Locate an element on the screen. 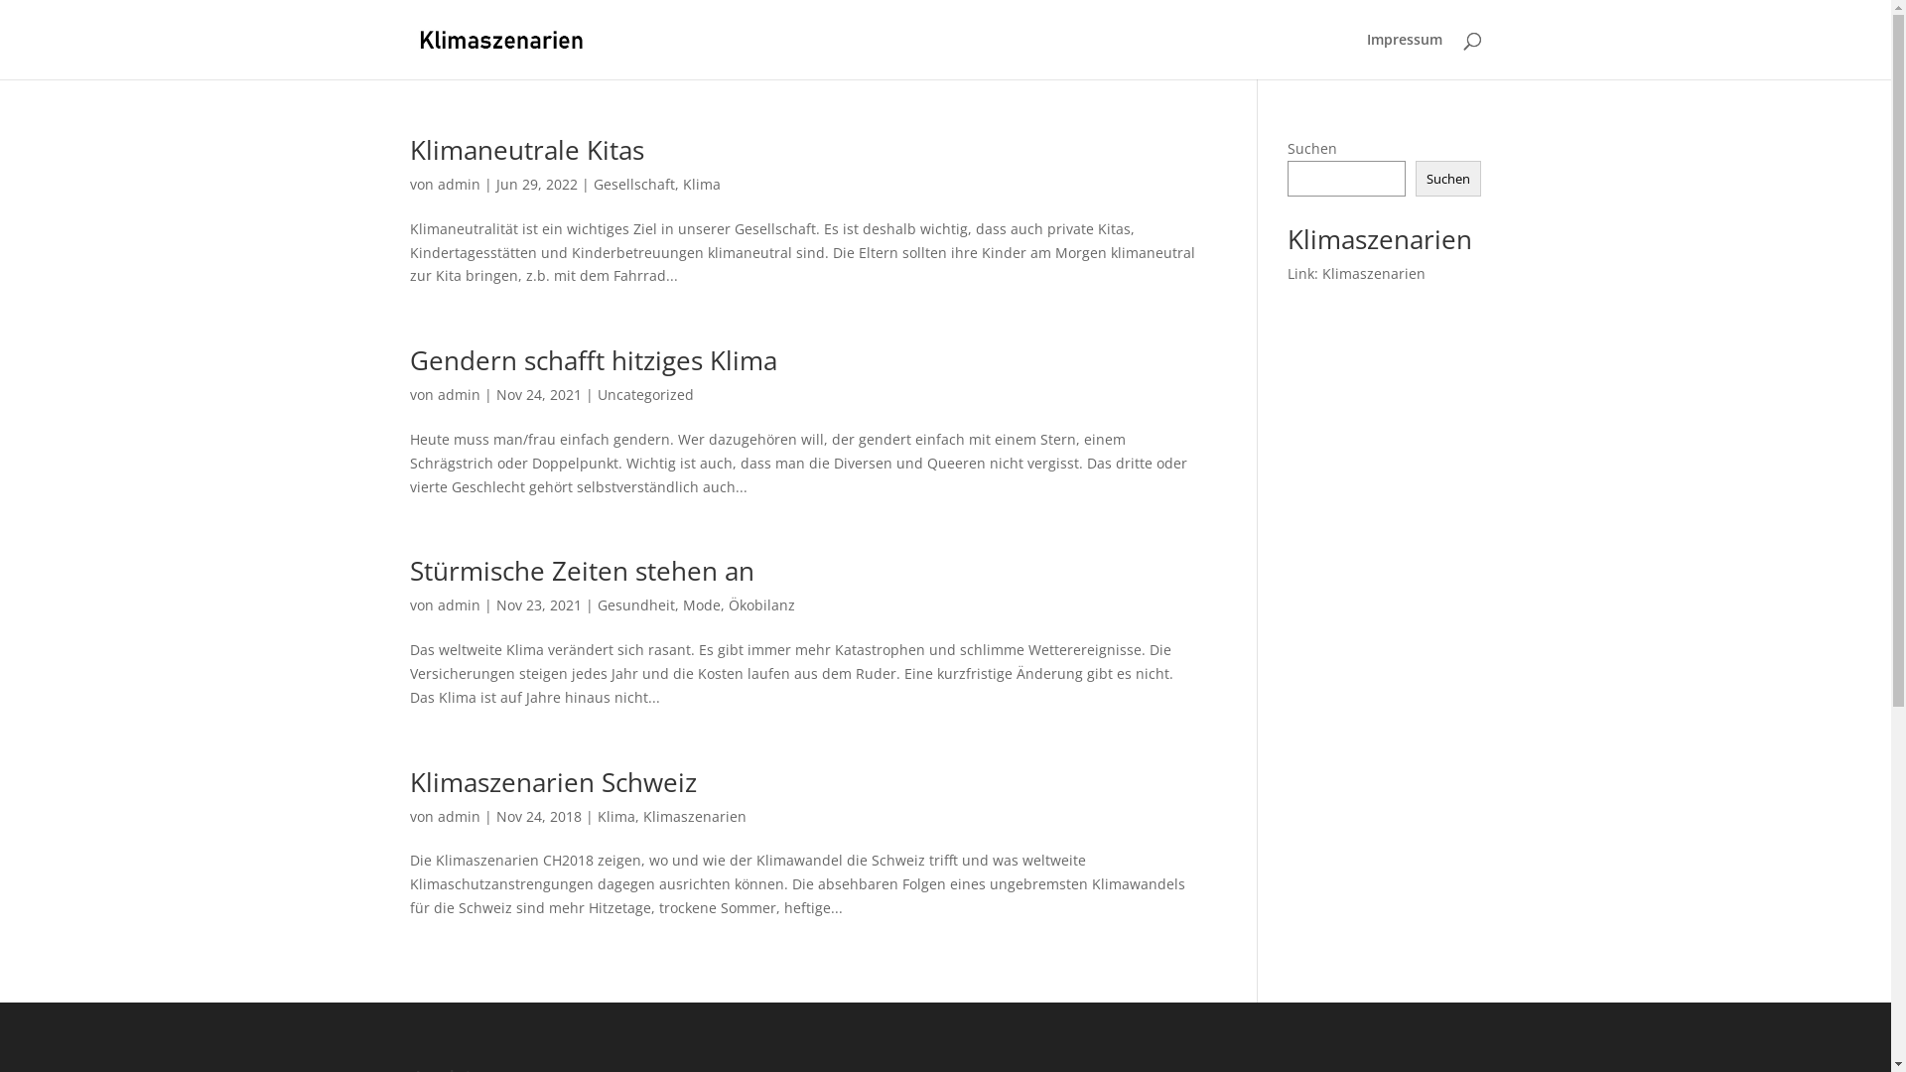  'Mode' is located at coordinates (701, 603).